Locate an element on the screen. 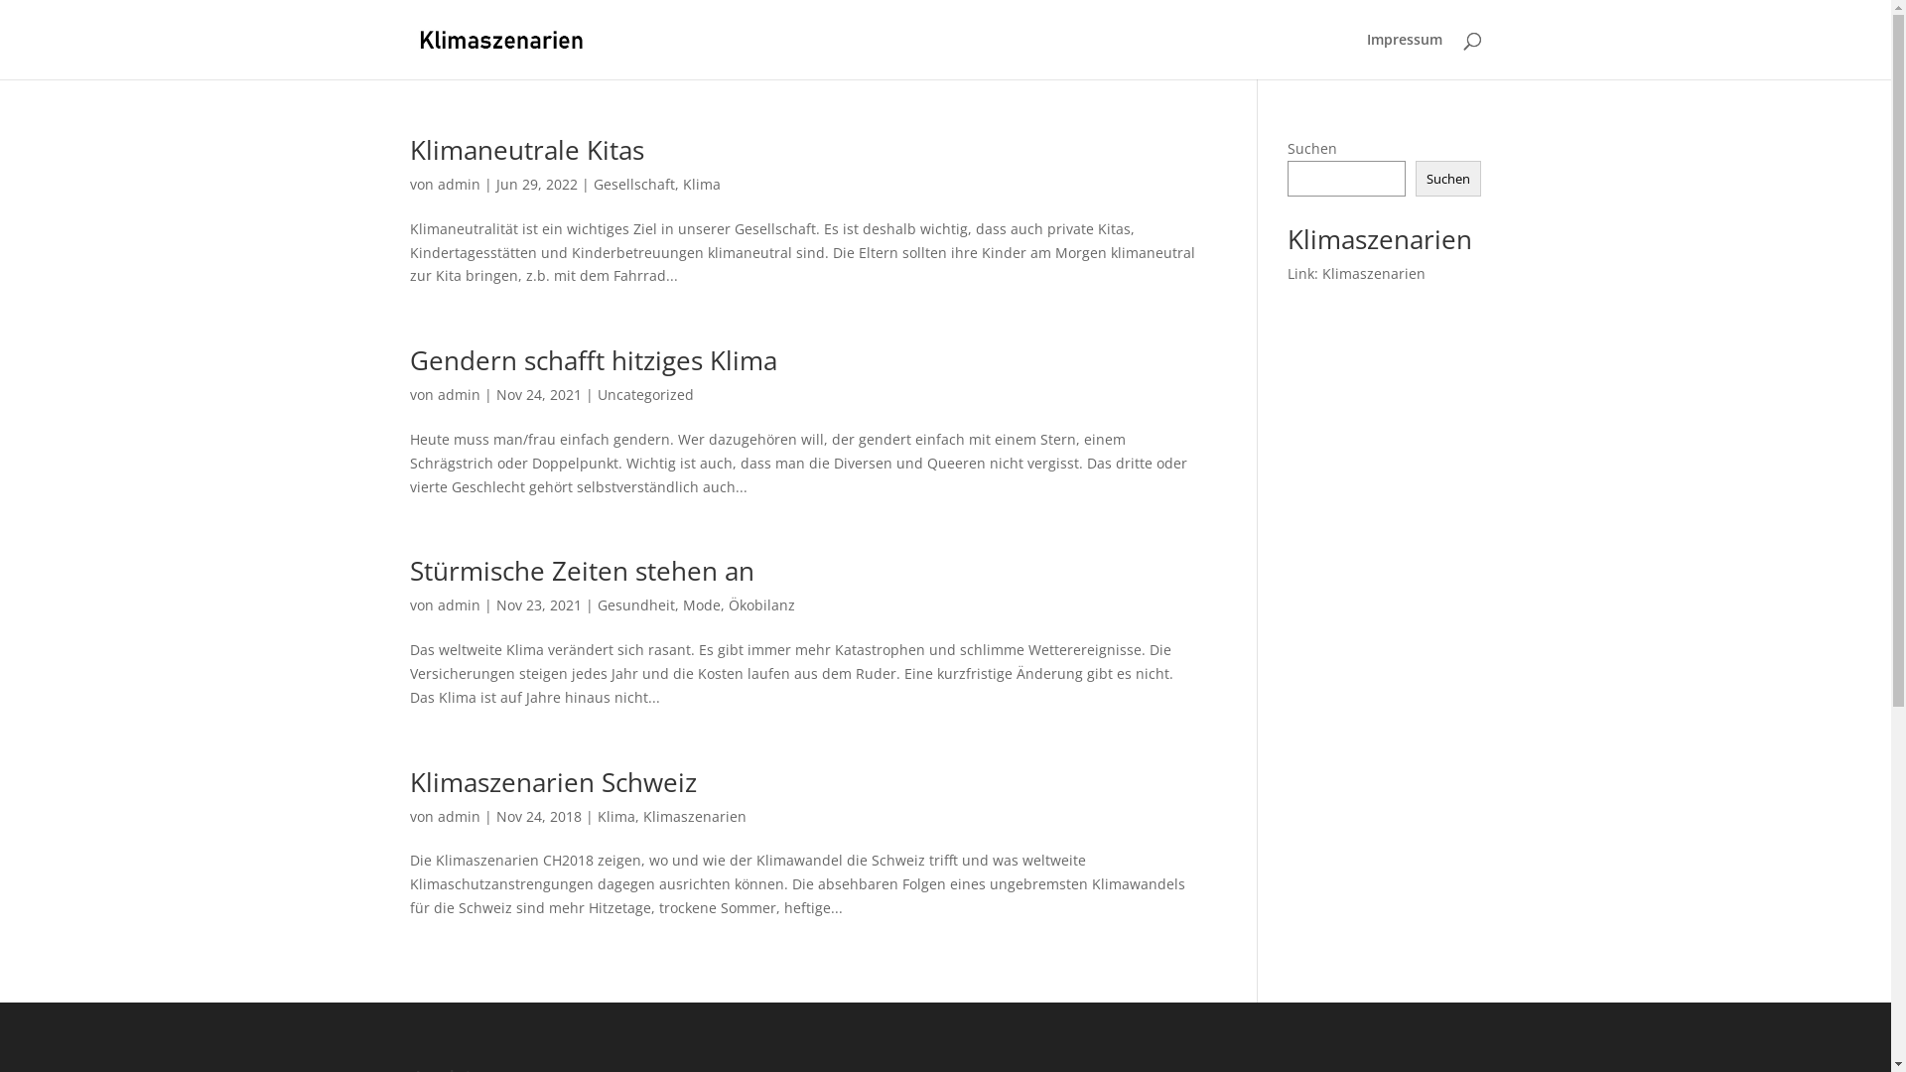  'Mode' is located at coordinates (701, 603).